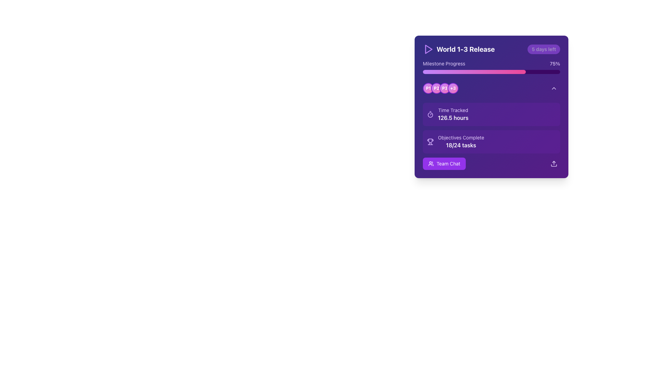  What do you see at coordinates (428, 49) in the screenshot?
I see `the purple play icon, which is an outlined triangle pointing right, located in the header area of the 'World 1-3 Release' panel` at bounding box center [428, 49].